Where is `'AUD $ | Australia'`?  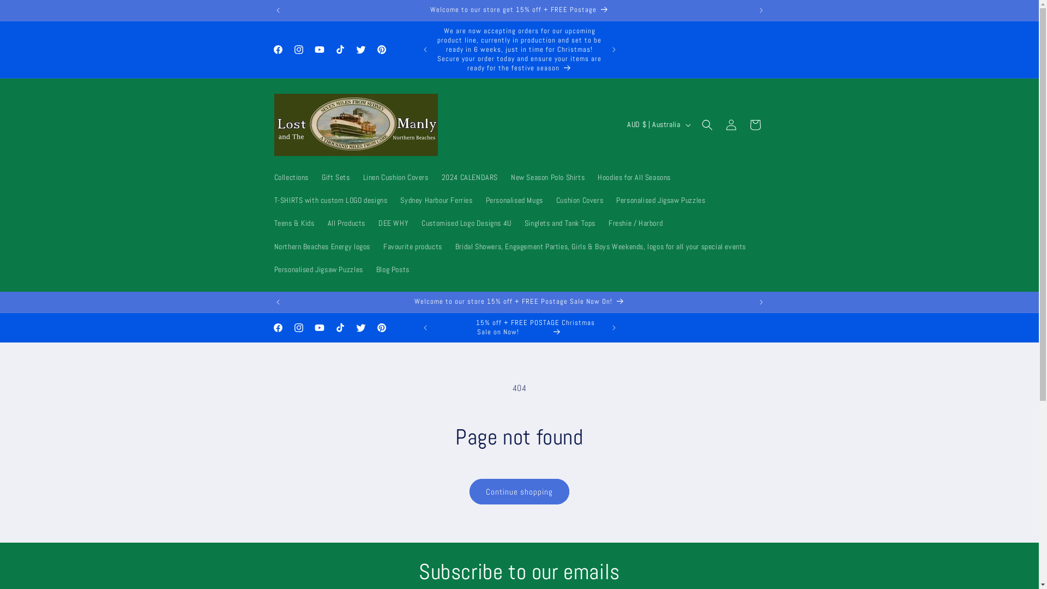 'AUD $ | Australia' is located at coordinates (657, 124).